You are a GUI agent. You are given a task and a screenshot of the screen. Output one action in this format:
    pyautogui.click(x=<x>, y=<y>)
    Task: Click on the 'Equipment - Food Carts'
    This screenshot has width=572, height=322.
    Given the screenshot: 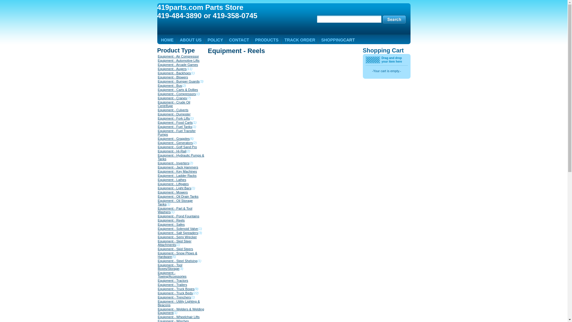 What is the action you would take?
    pyautogui.click(x=175, y=122)
    